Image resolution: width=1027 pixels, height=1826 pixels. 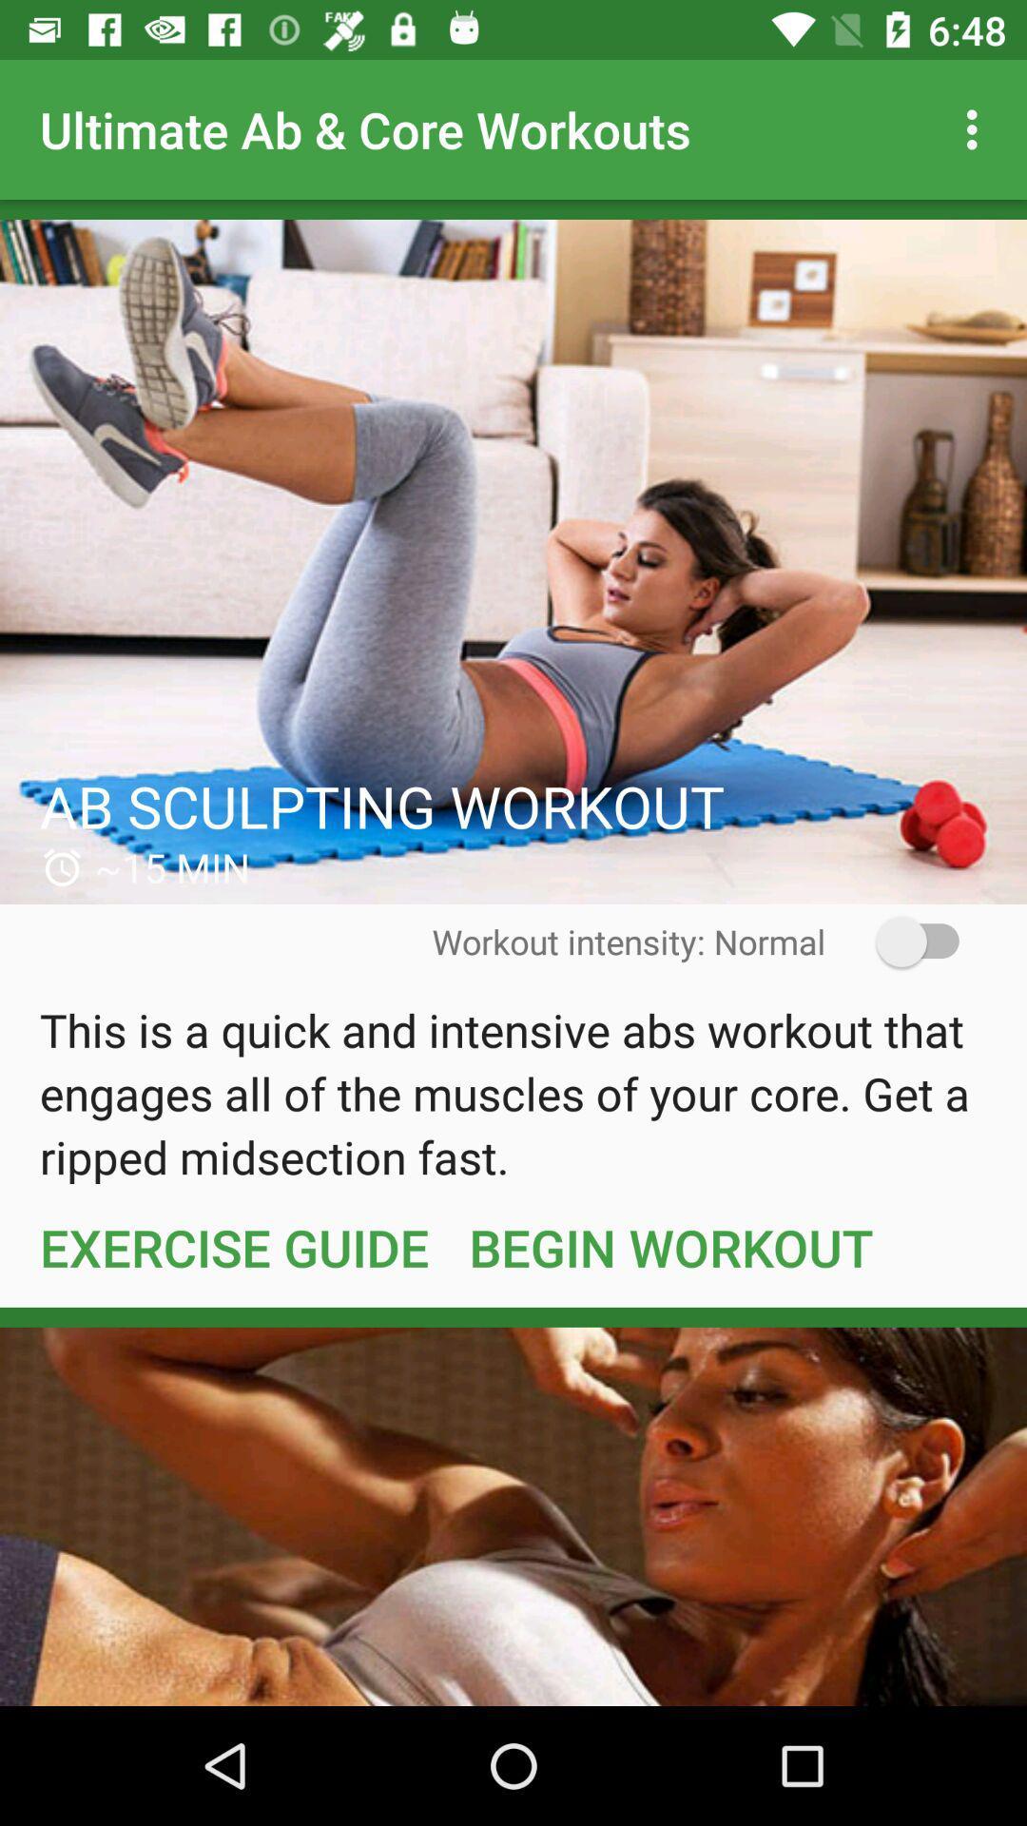 What do you see at coordinates (670, 1247) in the screenshot?
I see `item next to exercise guide` at bounding box center [670, 1247].